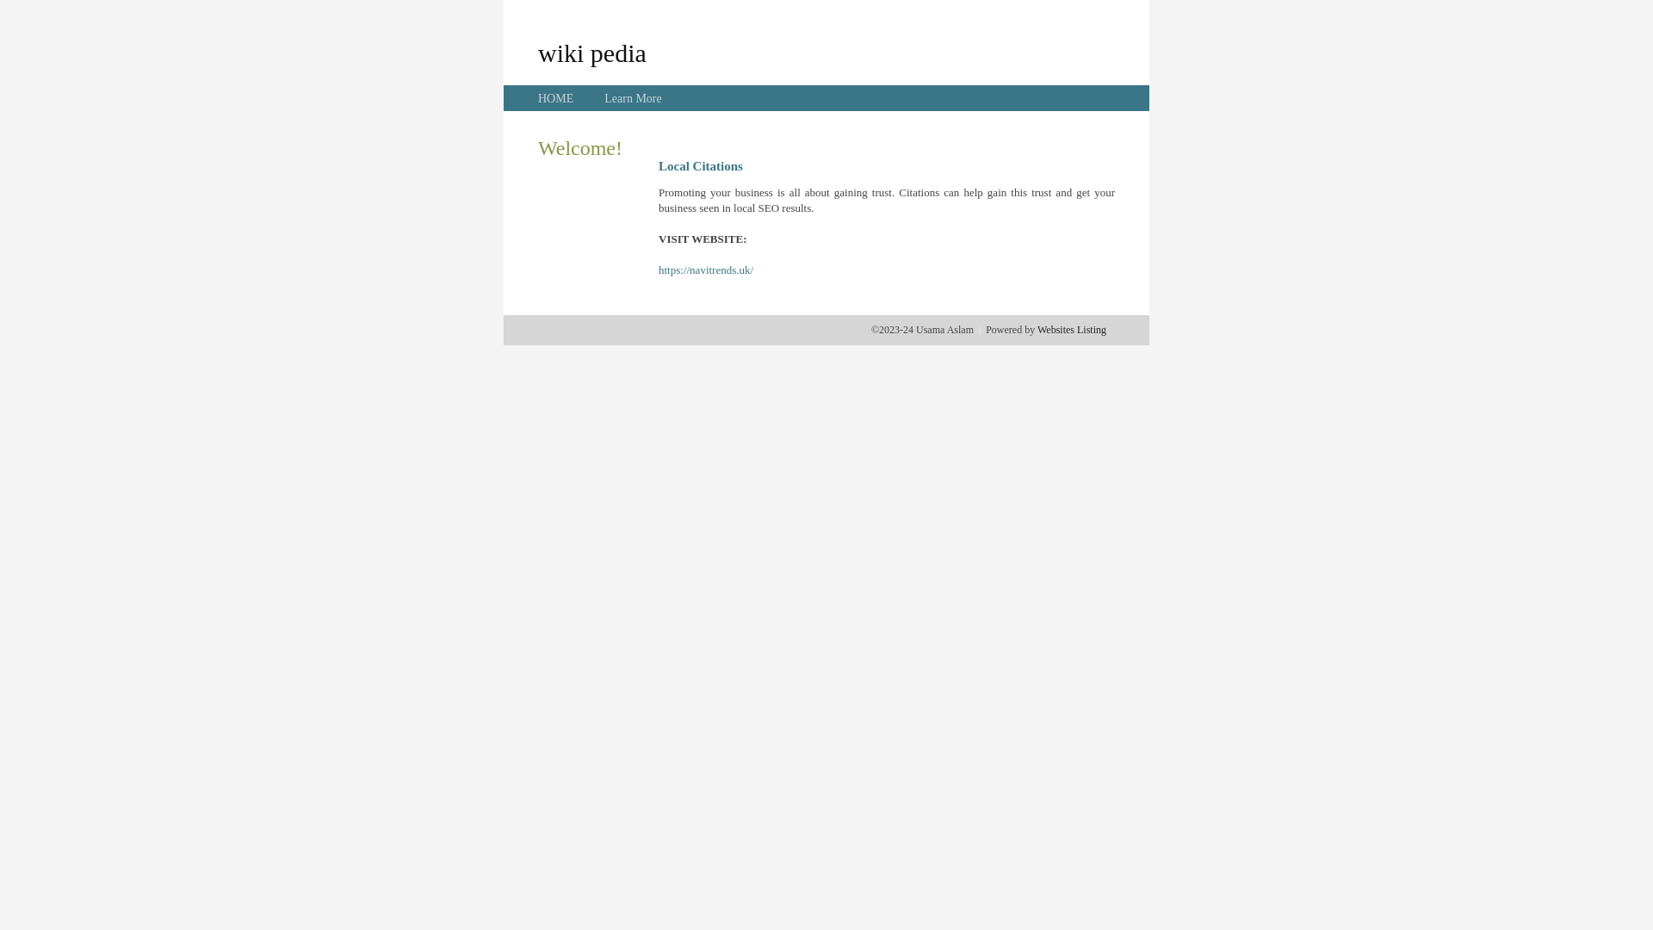 The image size is (1653, 930). Describe the element at coordinates (706, 270) in the screenshot. I see `'https://navitrends.uk/'` at that location.